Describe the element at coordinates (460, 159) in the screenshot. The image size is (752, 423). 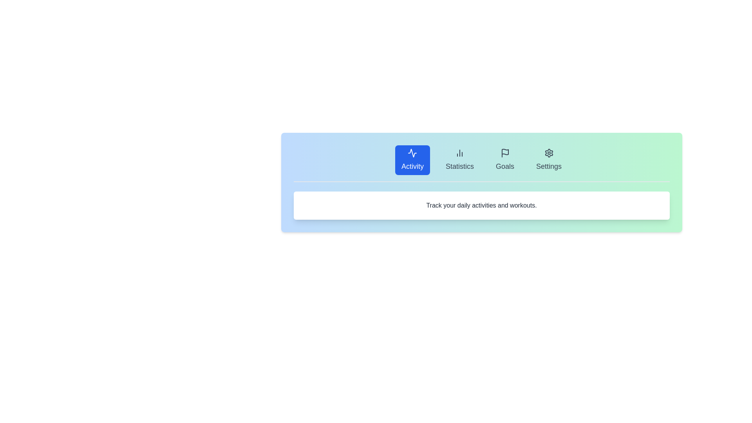
I see `the Statistics tab by clicking on its button` at that location.